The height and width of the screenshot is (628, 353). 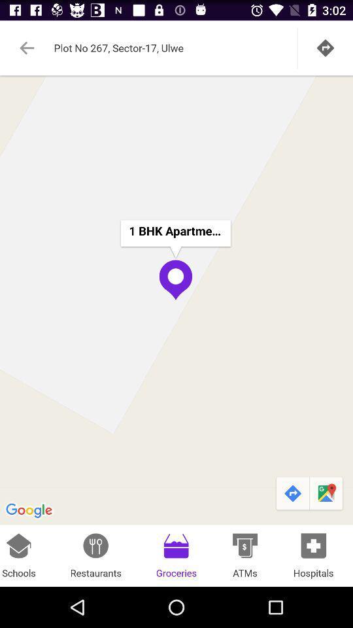 I want to click on tap the go icon at the top right corner, so click(x=324, y=48).